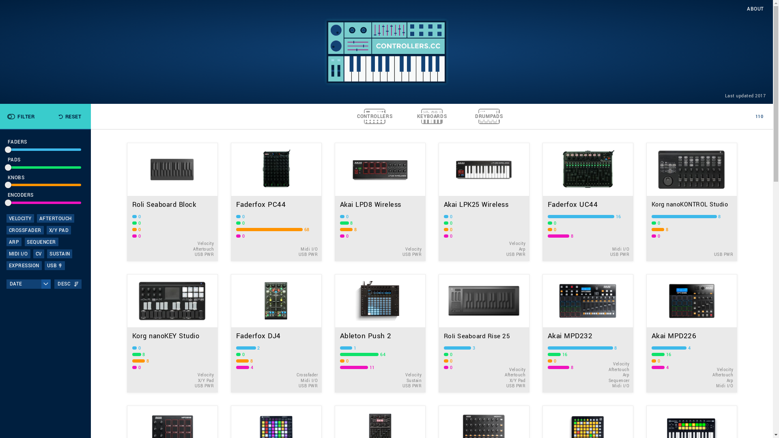 The height and width of the screenshot is (438, 779). Describe the element at coordinates (379, 201) in the screenshot. I see `'Akai LPD8 Wireless` at that location.